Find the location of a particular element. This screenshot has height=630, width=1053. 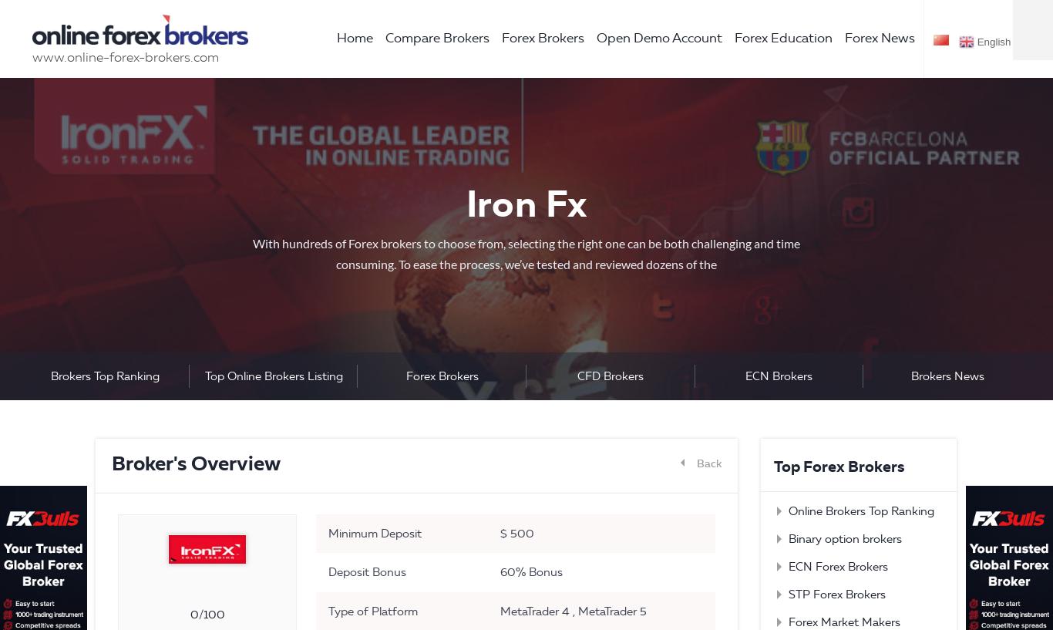

'STP Forex Brokers' is located at coordinates (788, 594).